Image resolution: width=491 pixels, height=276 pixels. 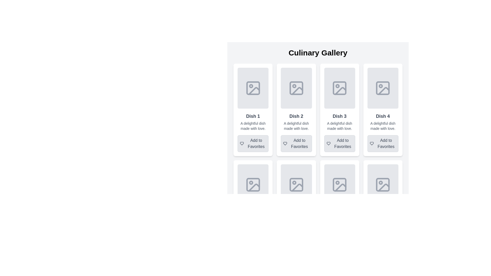 I want to click on the heart icon outlined in dark gray that is part of the 'Add to Favorites' button located beneath the 'Dish 1' card in the gallery grid, so click(x=242, y=144).